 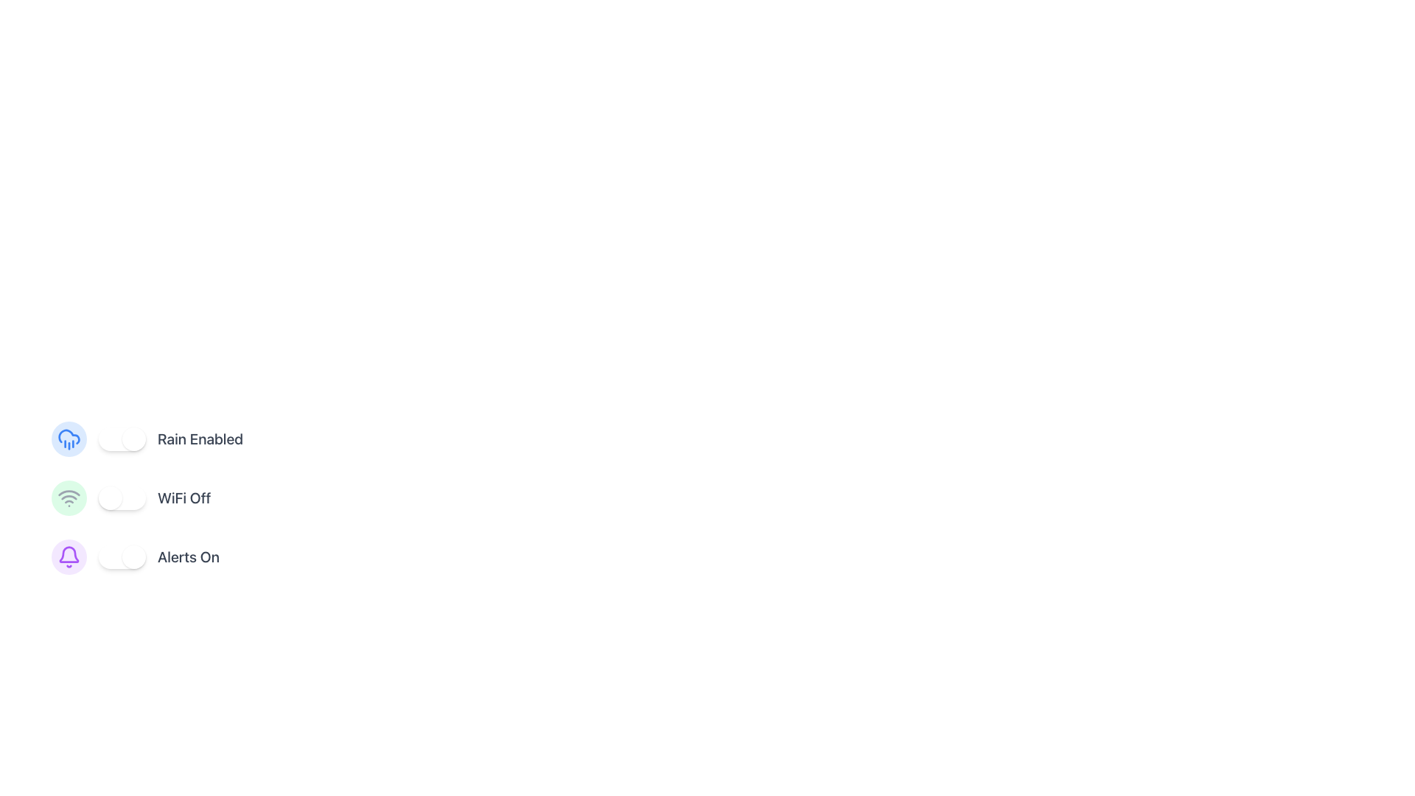 What do you see at coordinates (69, 492) in the screenshot?
I see `the second segment of the WiFi icon, which is part of an SVG graphic representation of a WiFi signal, located next to the 'WiFi Off' label` at bounding box center [69, 492].